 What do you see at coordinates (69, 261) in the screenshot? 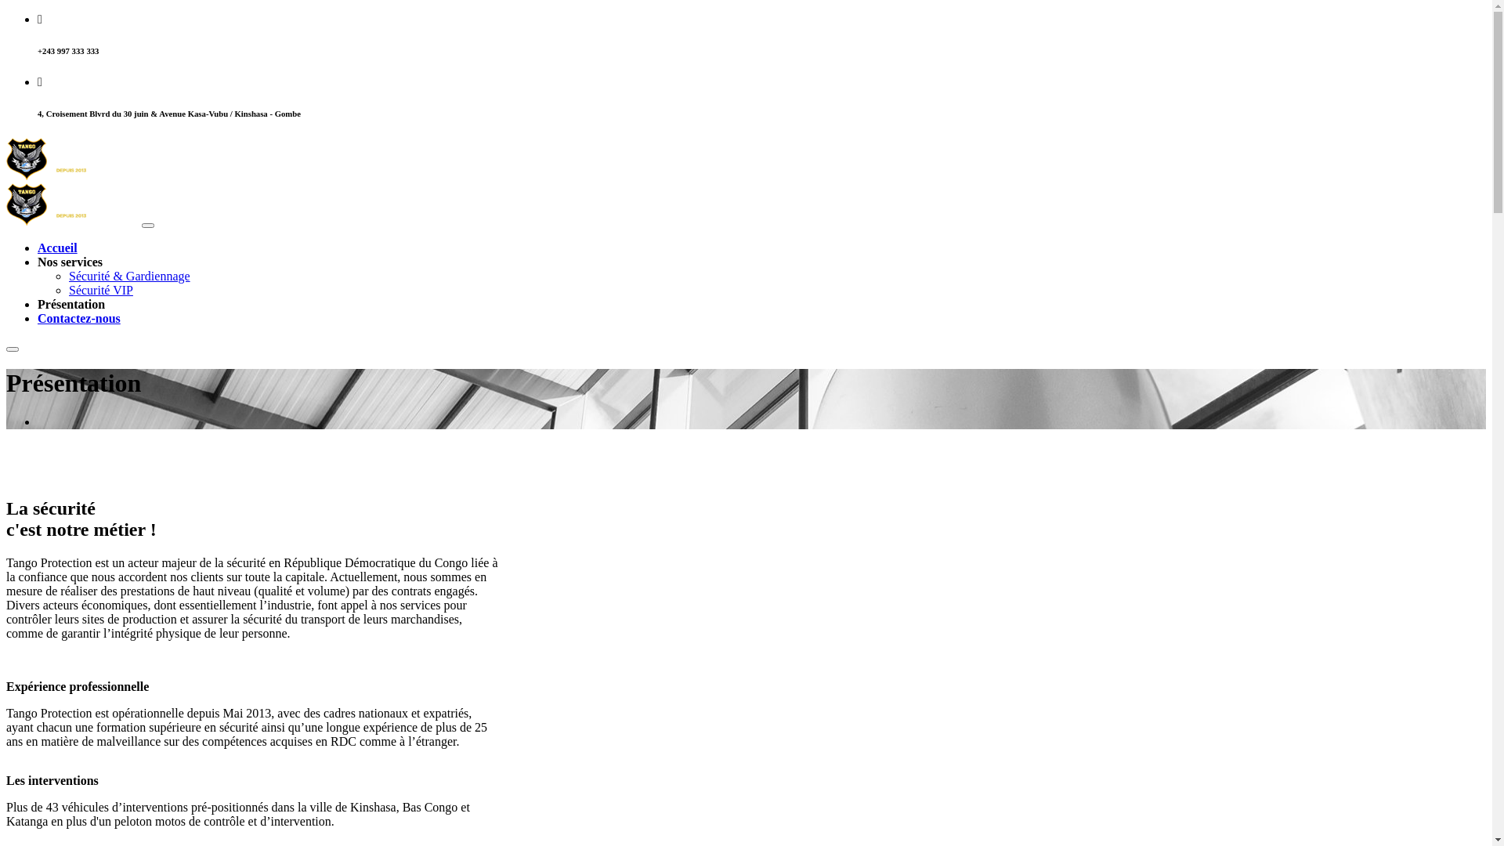
I see `'Nos services'` at bounding box center [69, 261].